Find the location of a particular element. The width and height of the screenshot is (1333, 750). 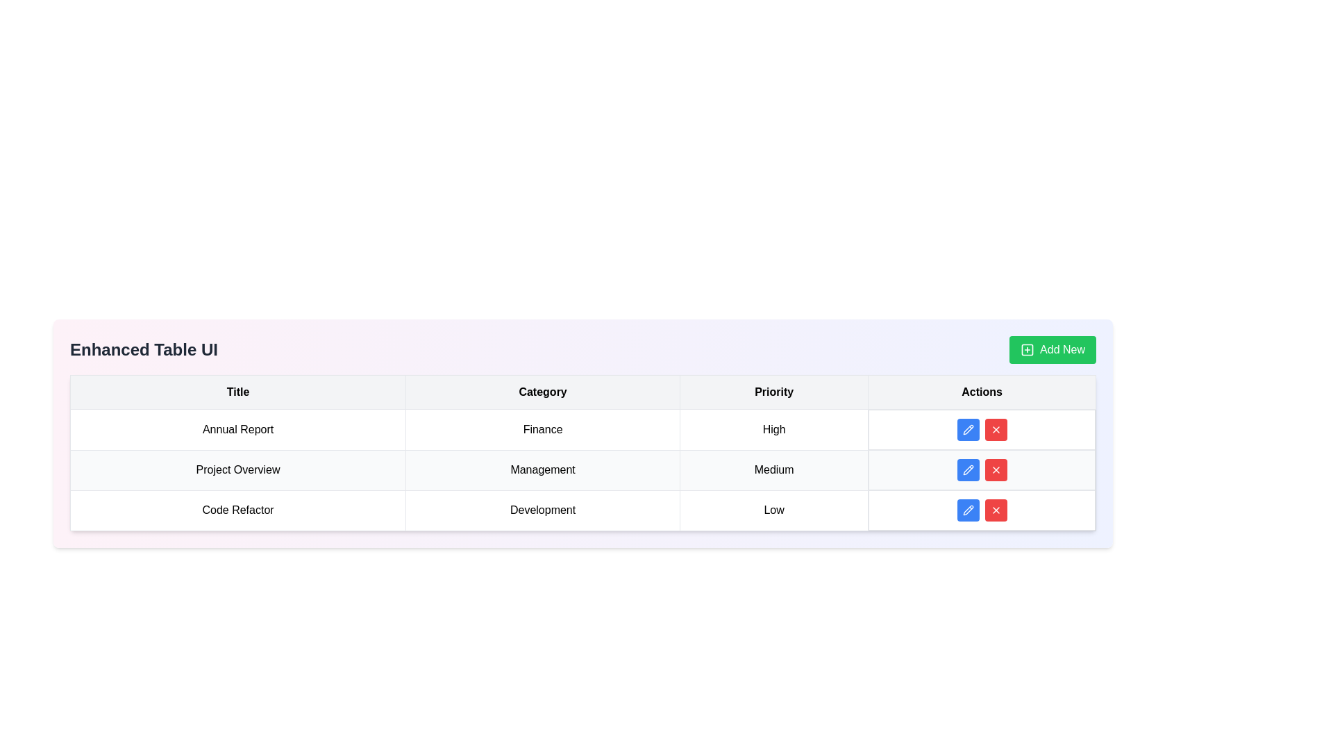

the 'Priority' text label, which is a bold black text enclosed in a light gray rectangular cell and is the third column header in the grid layout is located at coordinates (773, 392).